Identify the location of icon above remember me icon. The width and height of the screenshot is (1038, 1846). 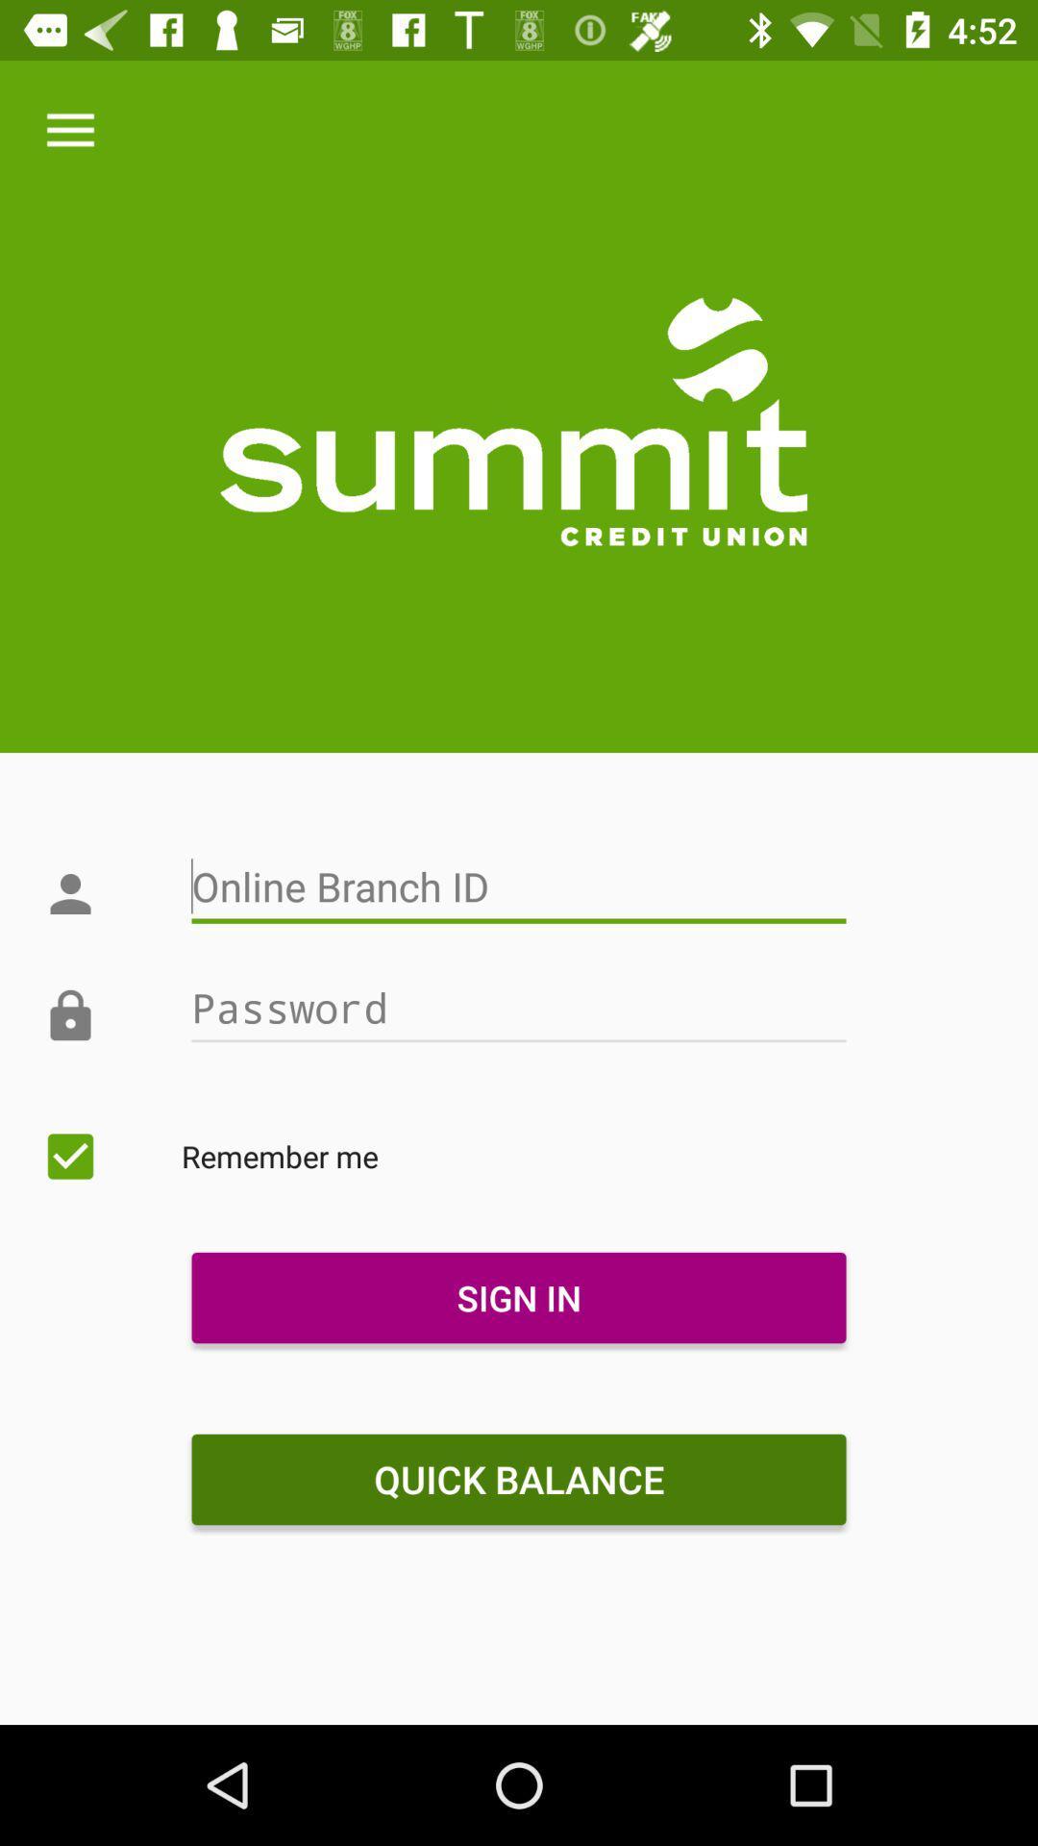
(519, 1007).